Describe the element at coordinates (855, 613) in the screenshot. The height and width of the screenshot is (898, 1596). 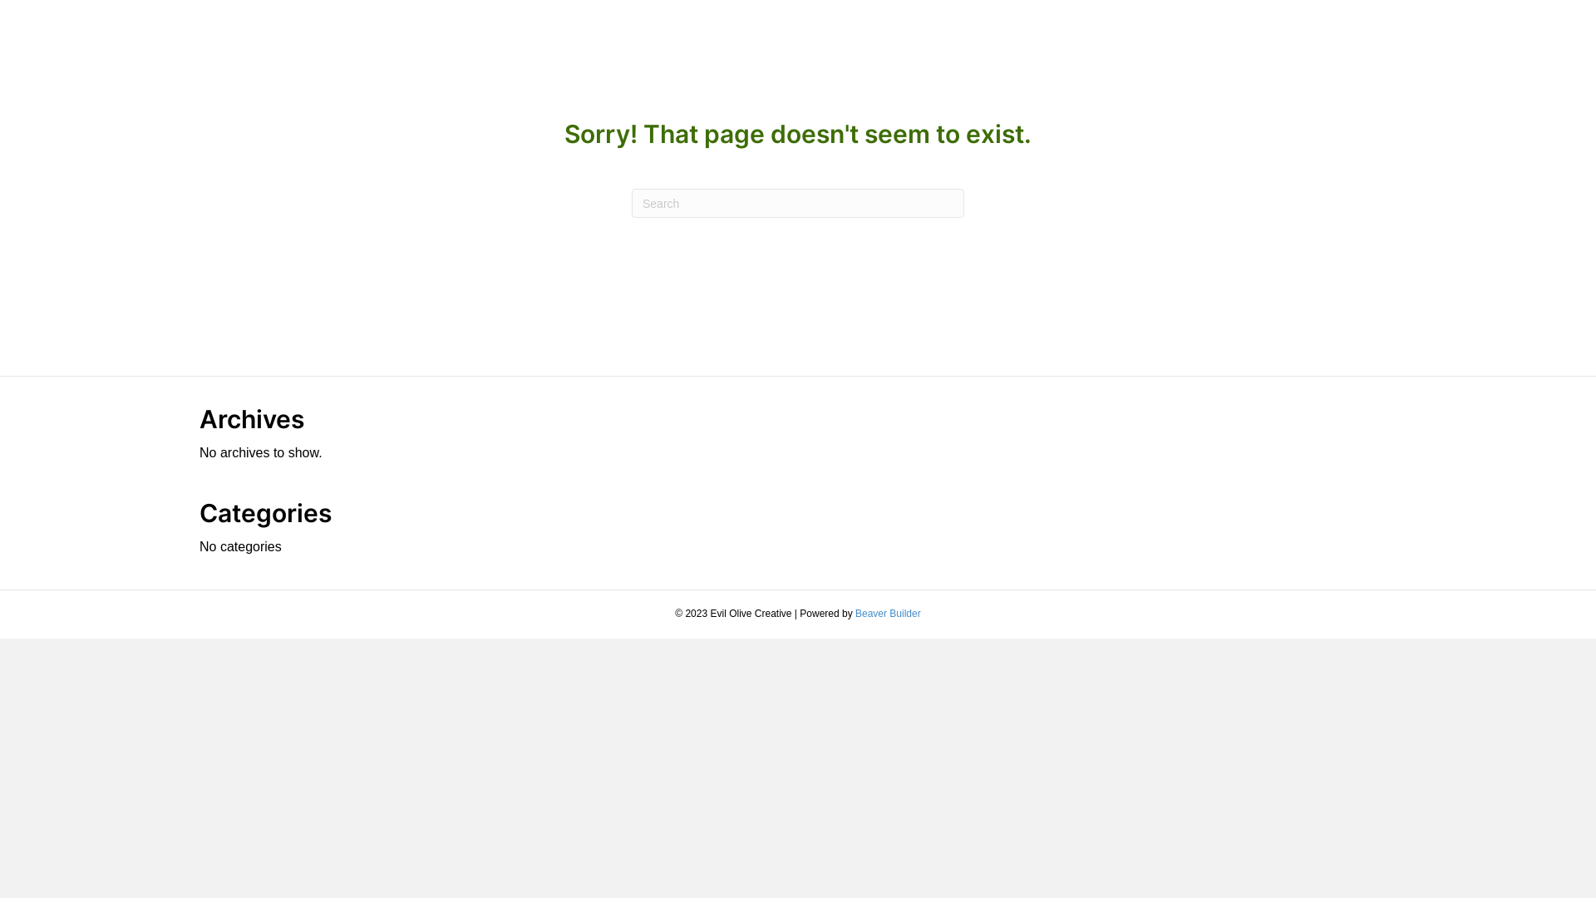
I see `'Beaver Builder'` at that location.